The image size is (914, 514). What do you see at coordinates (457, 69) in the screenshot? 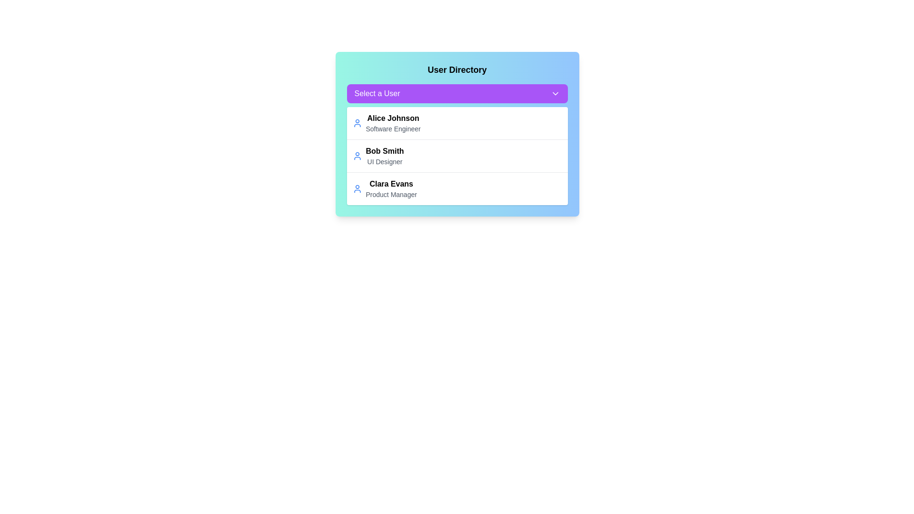
I see `the bold 'User Directory' text label, which is prominently displayed in black font on a gradient background transitioning from teal to blue, positioned above the 'Select a User' button` at bounding box center [457, 69].